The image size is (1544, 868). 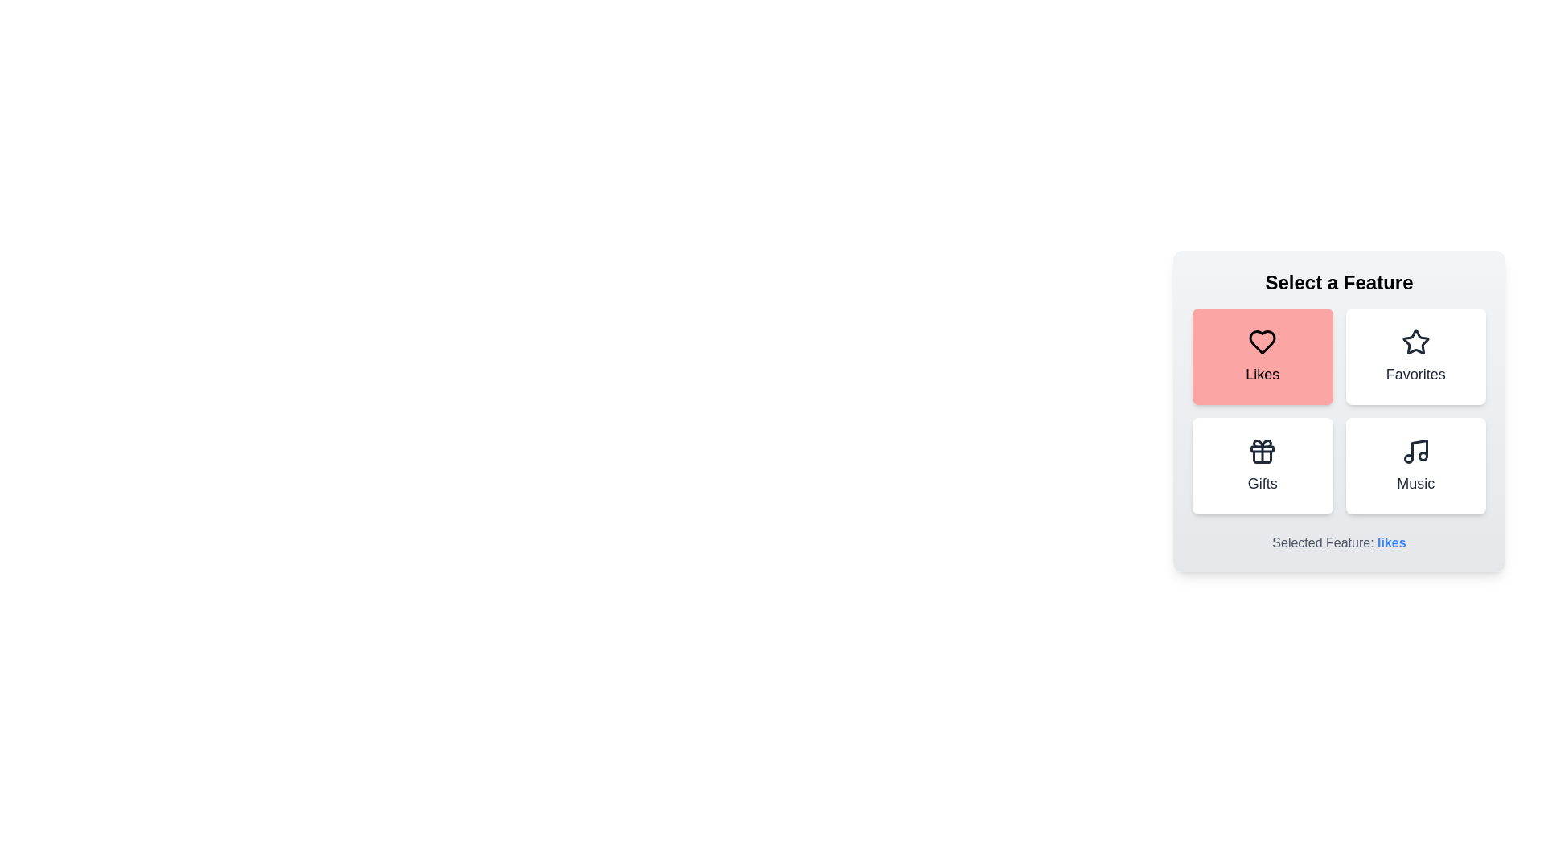 I want to click on the Favorites button to trigger its additional interaction, so click(x=1415, y=355).